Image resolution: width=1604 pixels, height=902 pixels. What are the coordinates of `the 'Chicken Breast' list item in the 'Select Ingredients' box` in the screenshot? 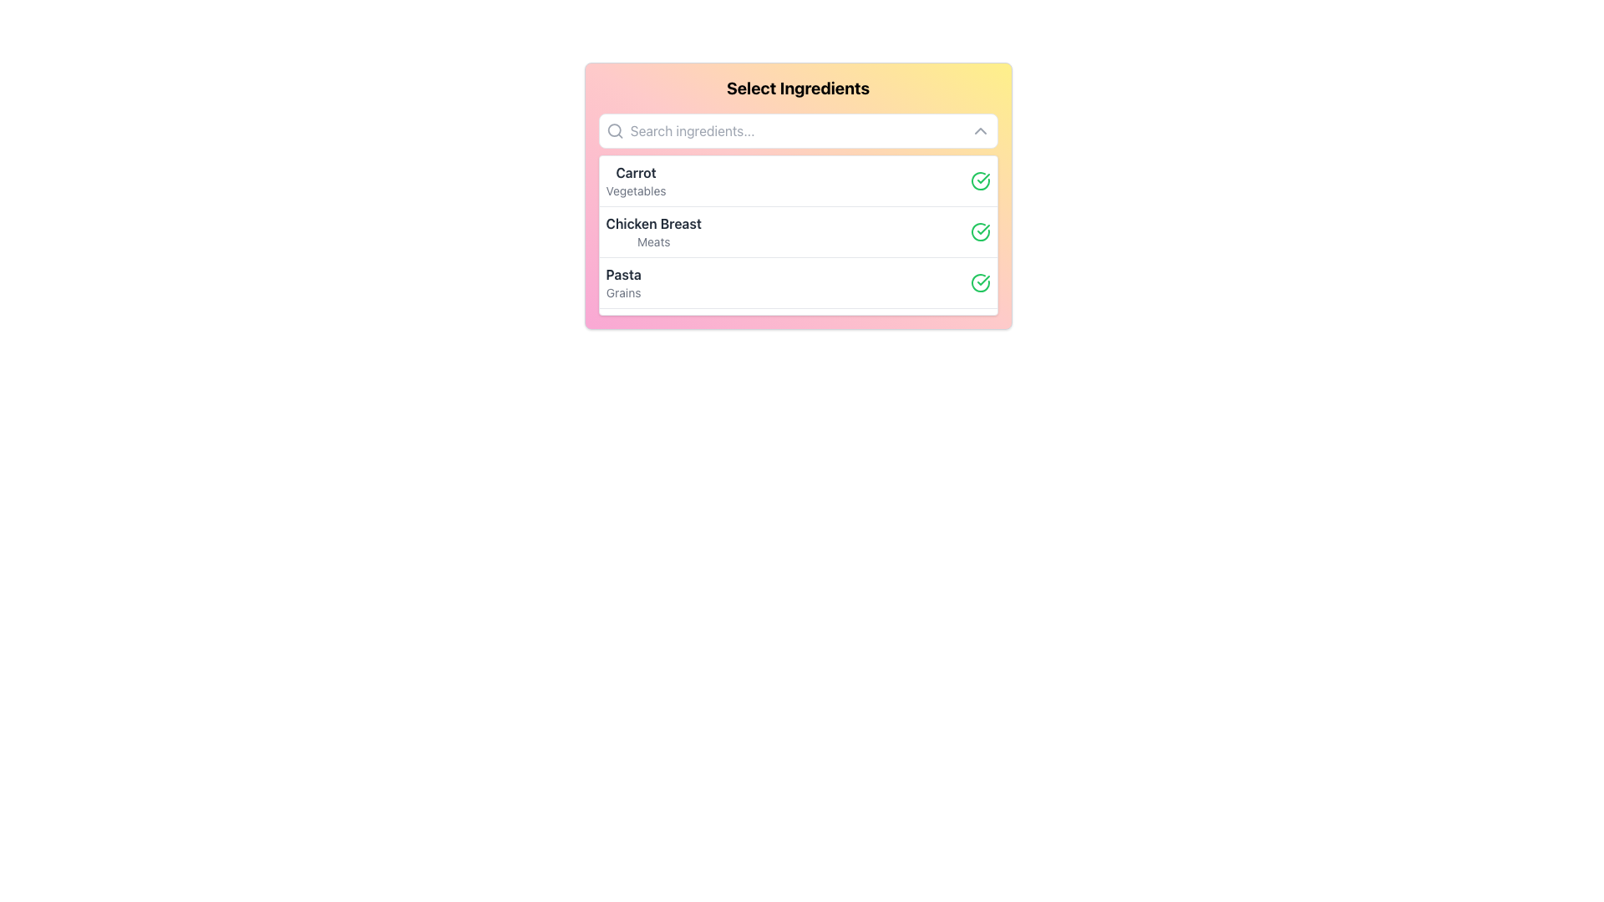 It's located at (797, 232).